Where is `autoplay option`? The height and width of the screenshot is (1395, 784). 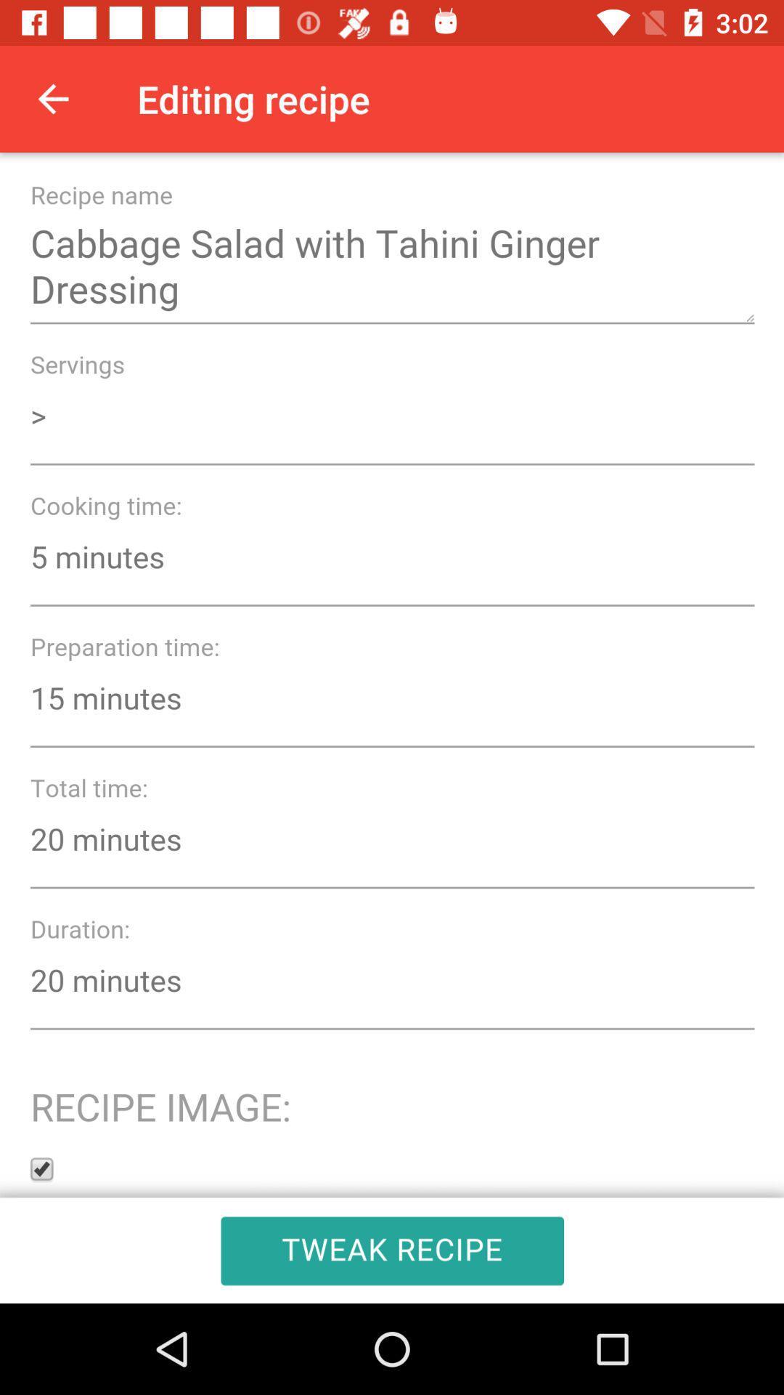
autoplay option is located at coordinates (392, 728).